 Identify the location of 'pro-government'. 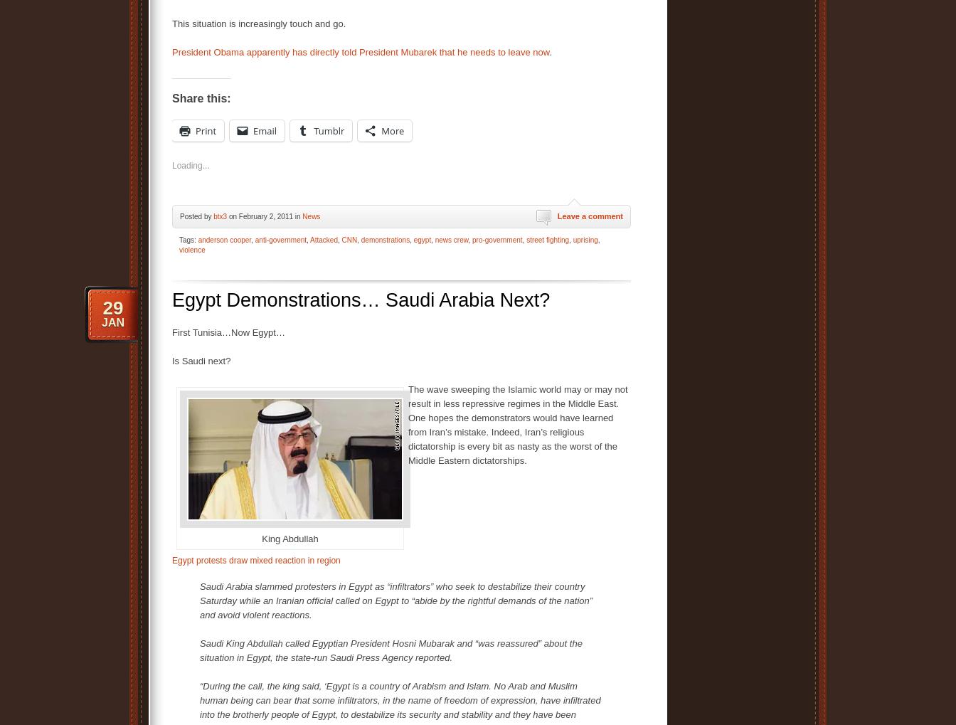
(496, 240).